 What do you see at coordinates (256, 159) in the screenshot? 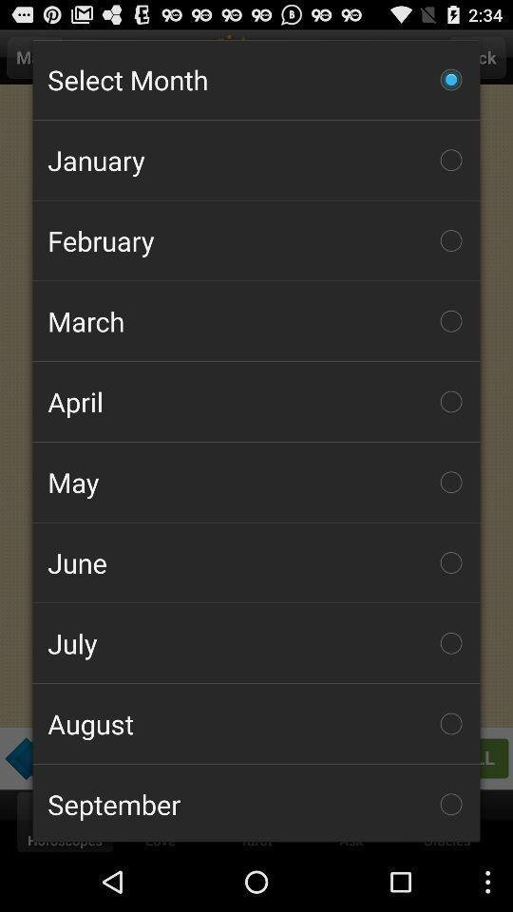
I see `the january checkbox` at bounding box center [256, 159].